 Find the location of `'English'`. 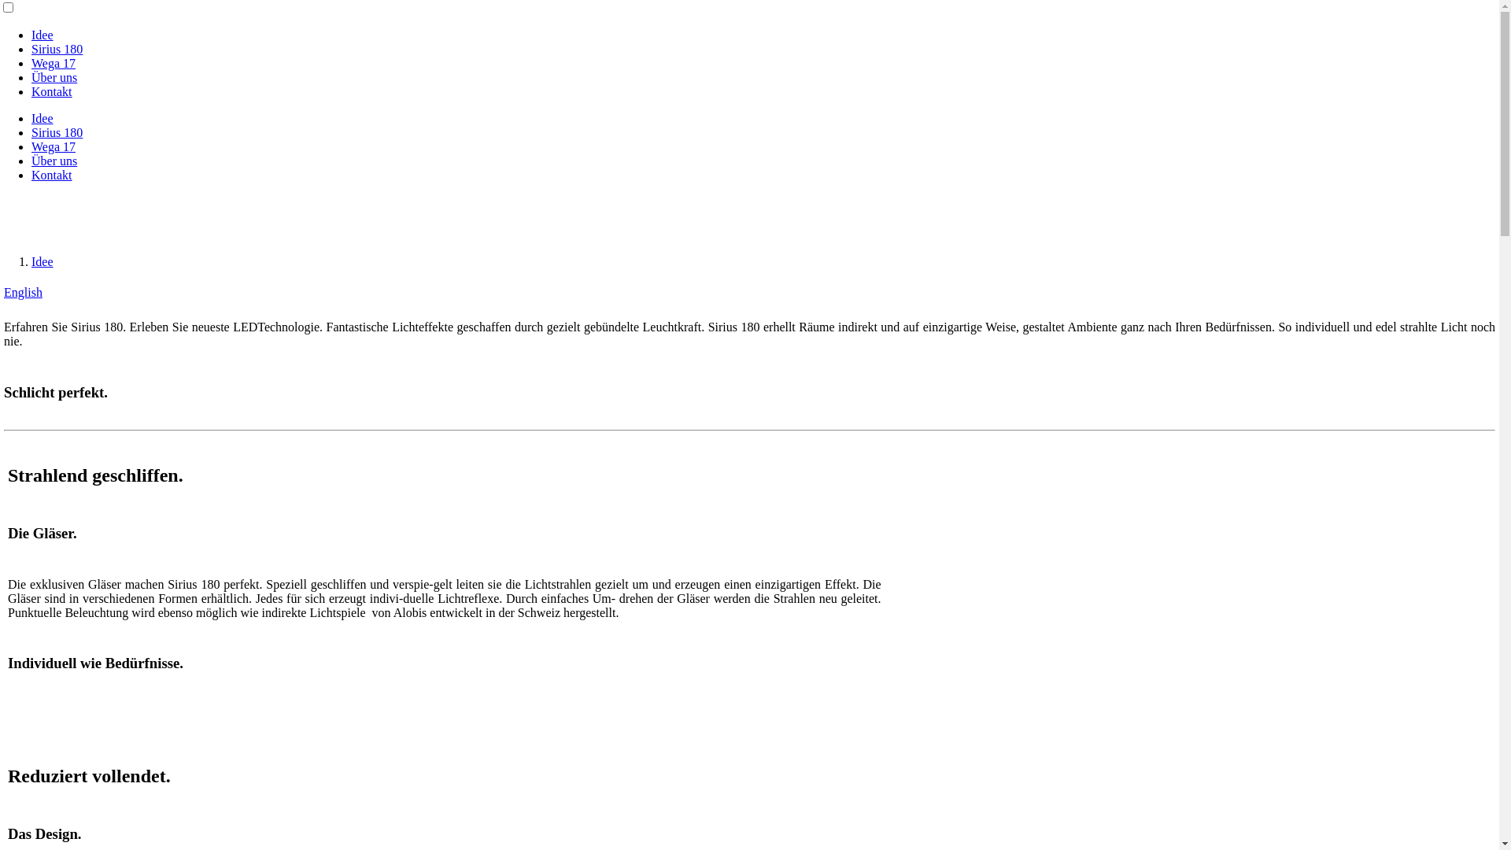

'English' is located at coordinates (23, 292).